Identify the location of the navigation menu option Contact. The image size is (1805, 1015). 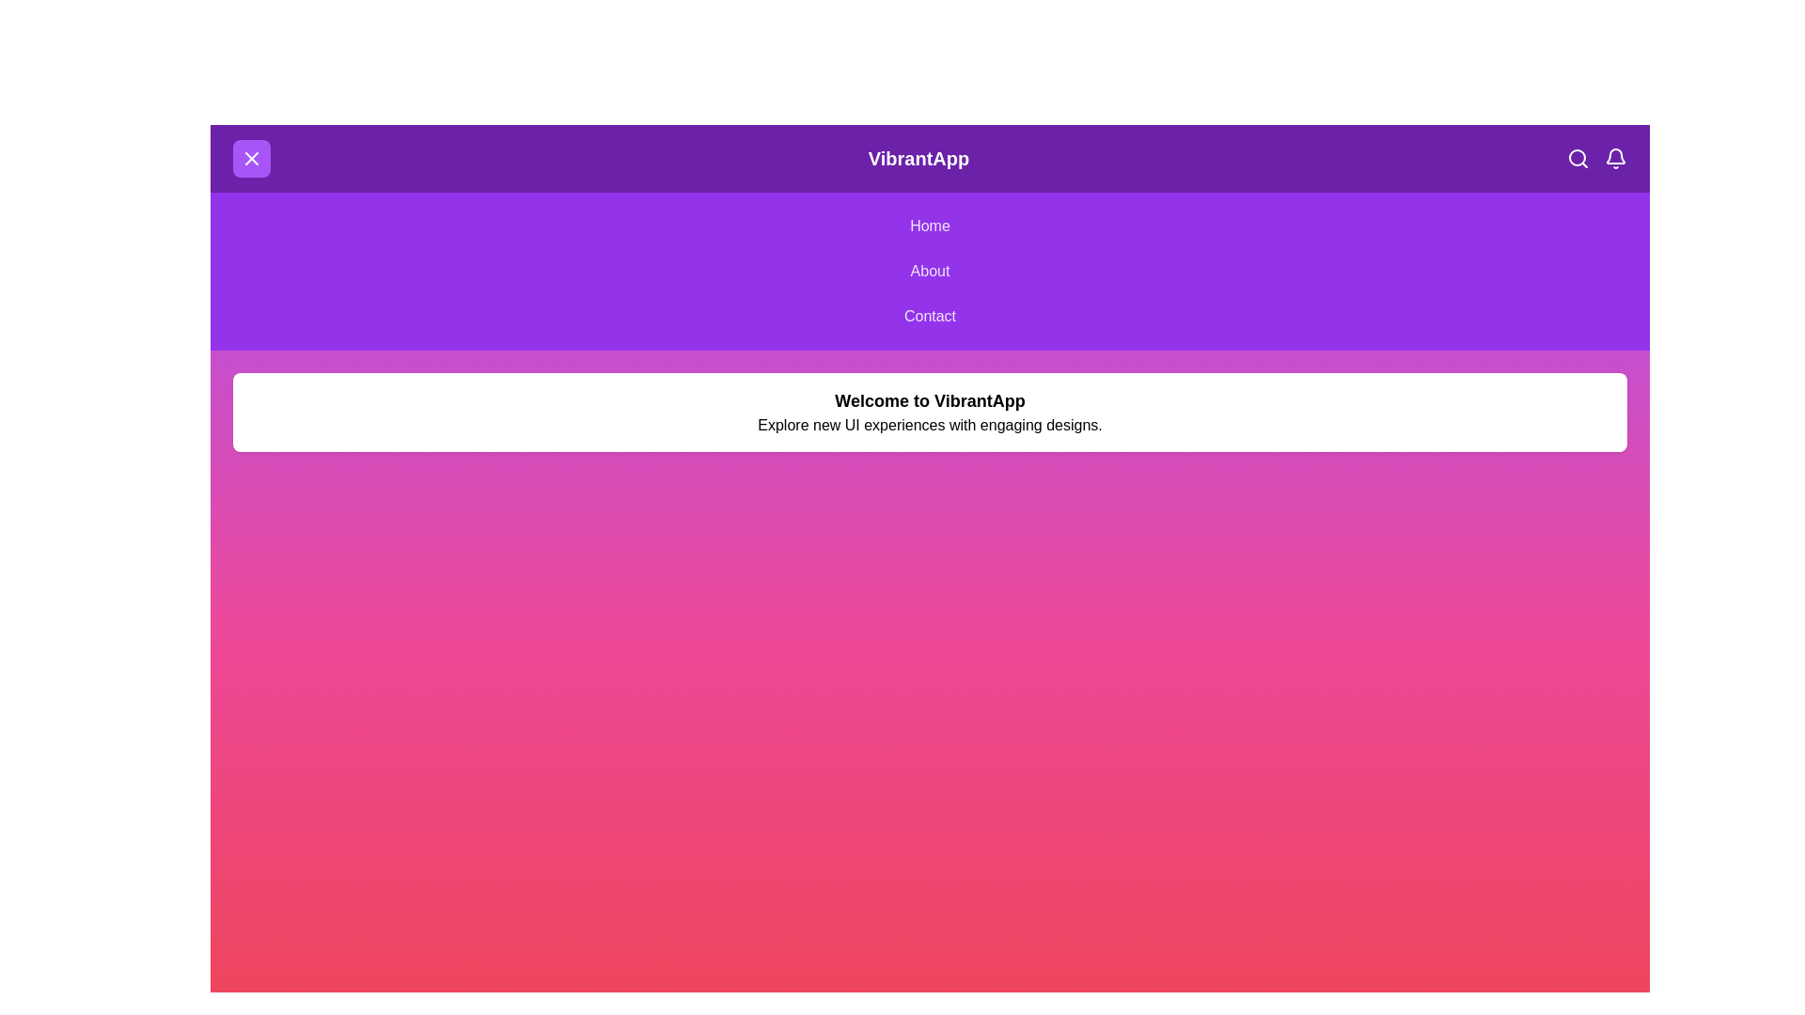
(930, 315).